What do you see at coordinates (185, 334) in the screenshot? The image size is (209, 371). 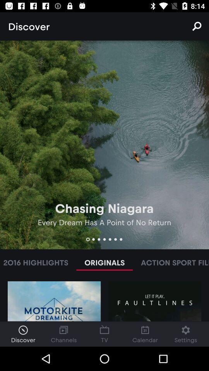 I see `settings` at bounding box center [185, 334].